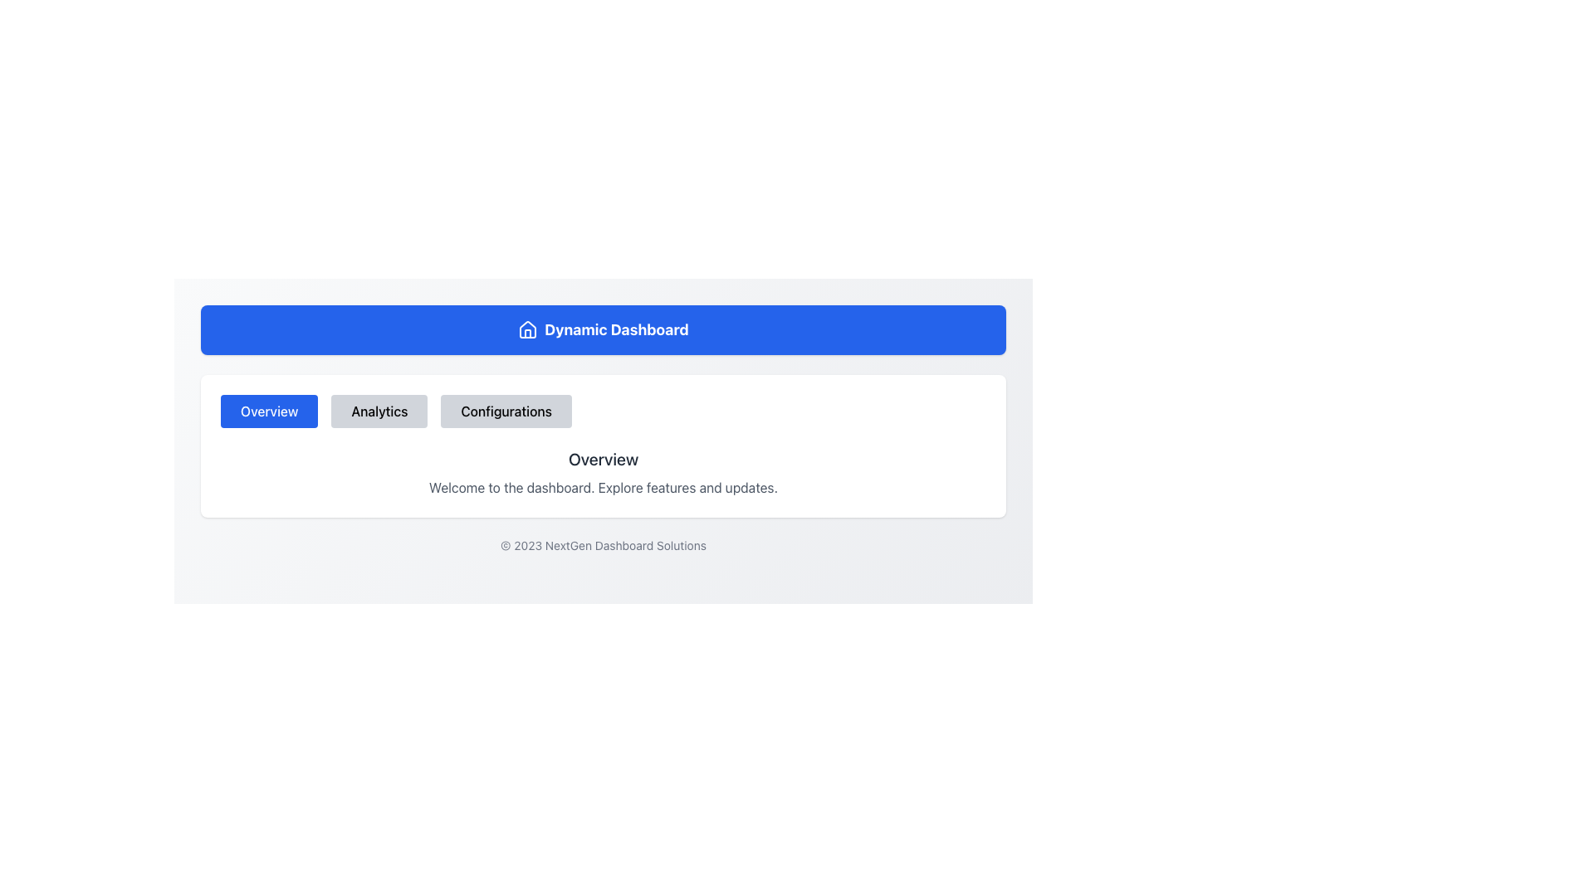 This screenshot has width=1594, height=896. I want to click on the rectangular button with rounded corners that has a blue background and the text 'Overview', so click(269, 411).